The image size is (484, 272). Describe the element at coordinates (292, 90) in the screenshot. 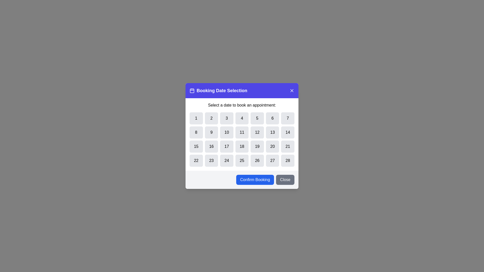

I see `the 'X' button to close the dialog` at that location.